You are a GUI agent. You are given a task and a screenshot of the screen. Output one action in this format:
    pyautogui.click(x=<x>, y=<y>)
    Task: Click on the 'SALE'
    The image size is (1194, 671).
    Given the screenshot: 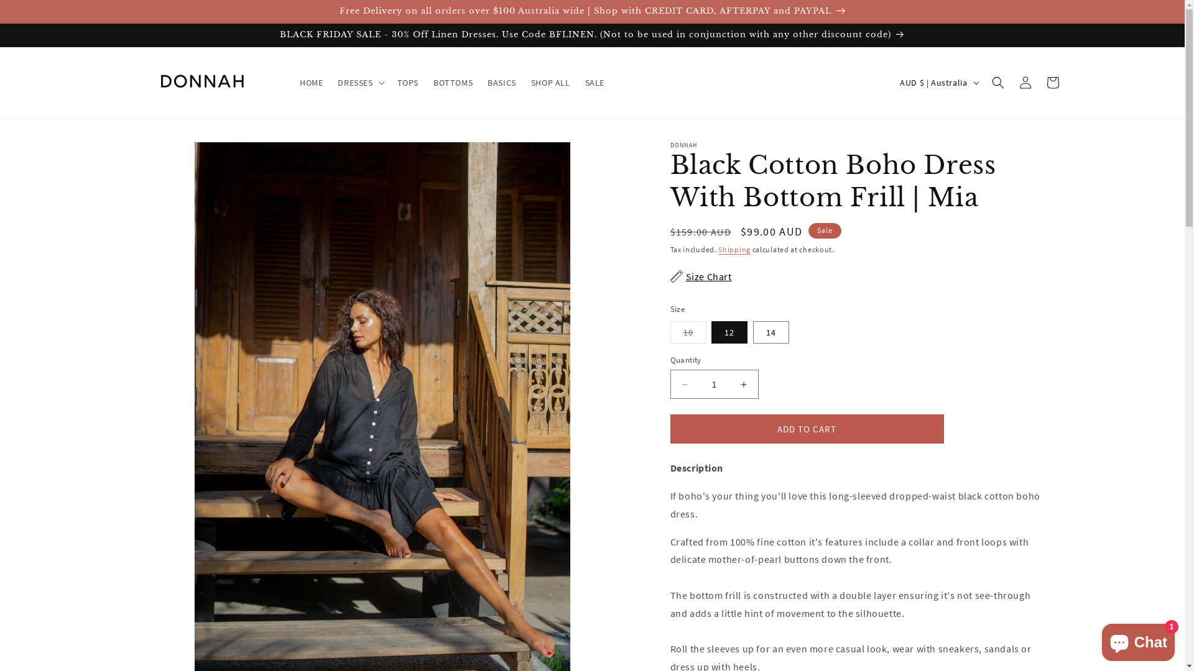 What is the action you would take?
    pyautogui.click(x=594, y=82)
    